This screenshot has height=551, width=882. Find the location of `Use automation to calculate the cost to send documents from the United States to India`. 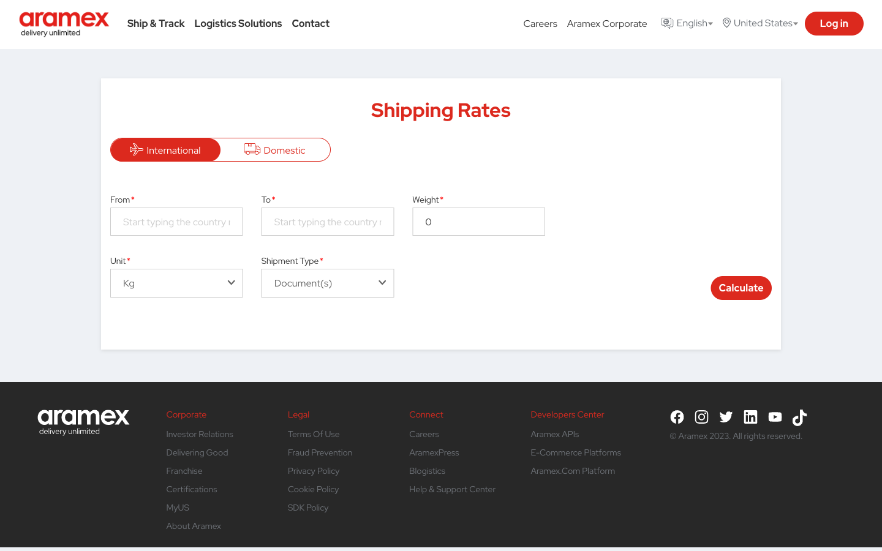

Use automation to calculate the cost to send documents from the United States to India is located at coordinates (176, 221).